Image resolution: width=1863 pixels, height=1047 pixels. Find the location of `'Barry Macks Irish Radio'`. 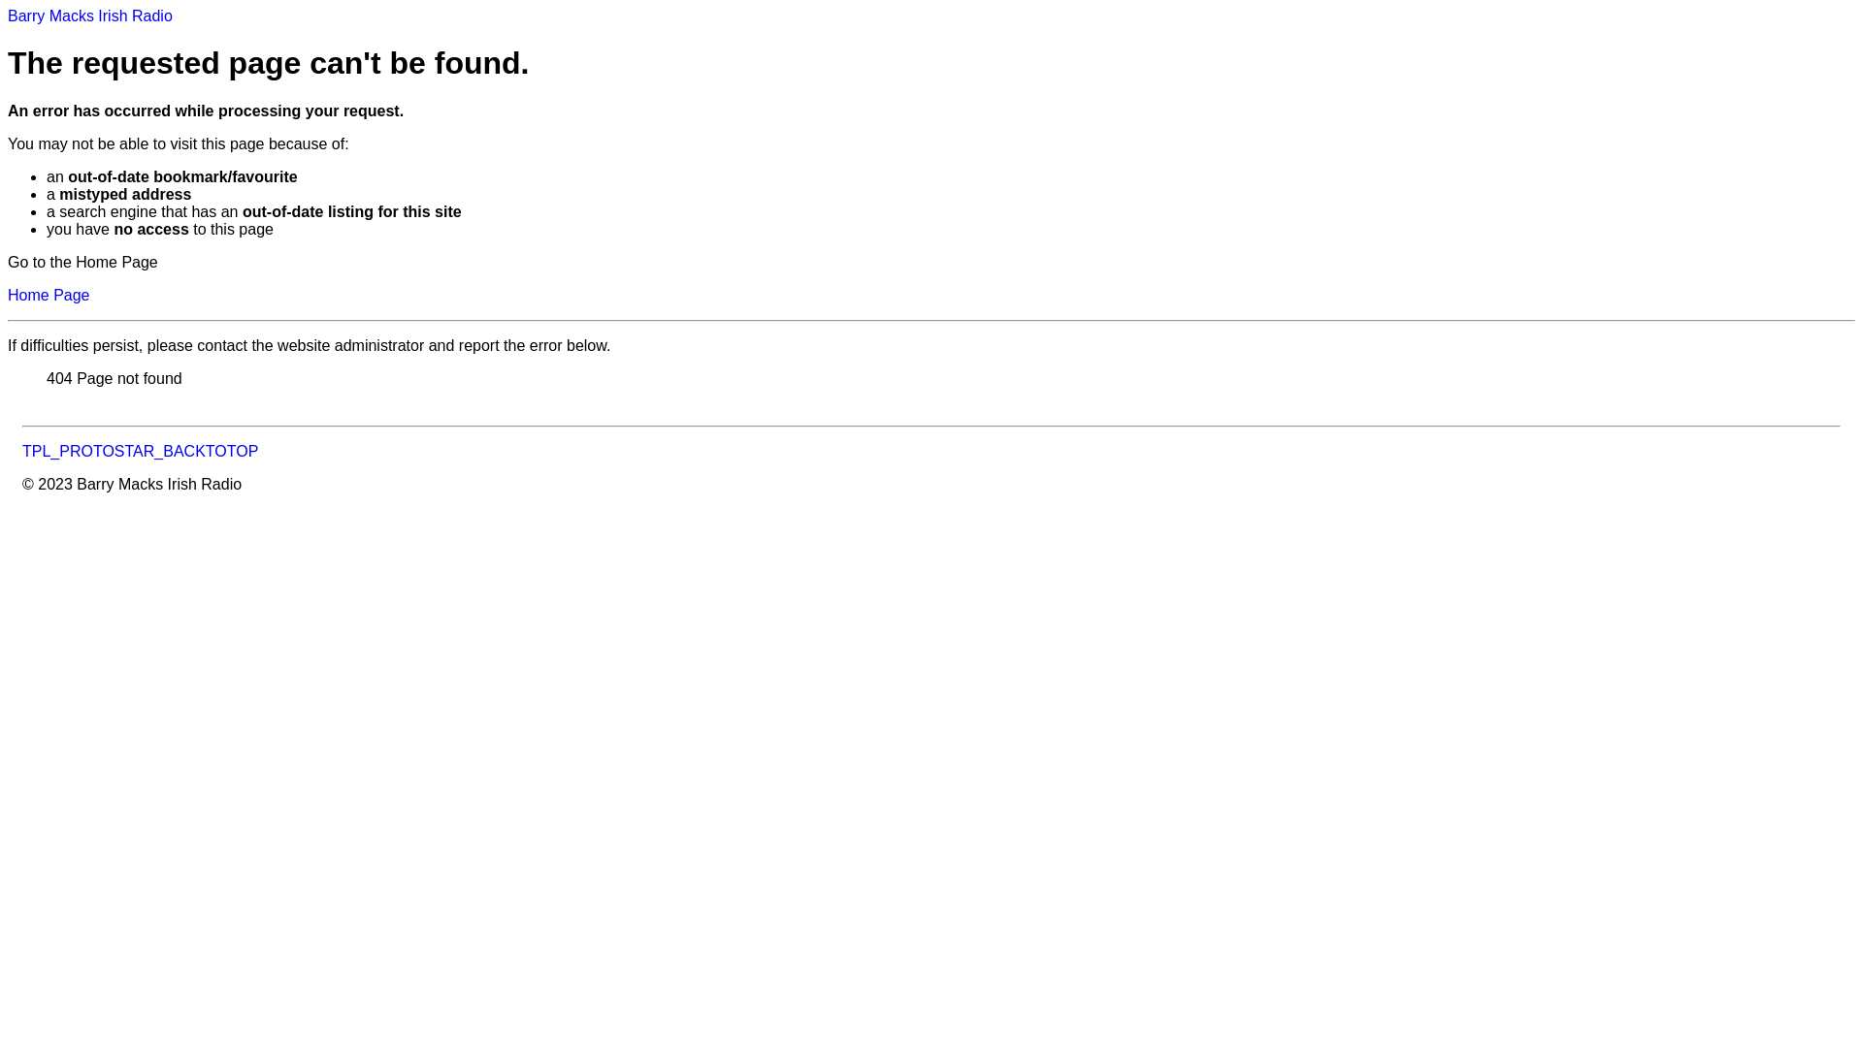

'Barry Macks Irish Radio' is located at coordinates (88, 16).